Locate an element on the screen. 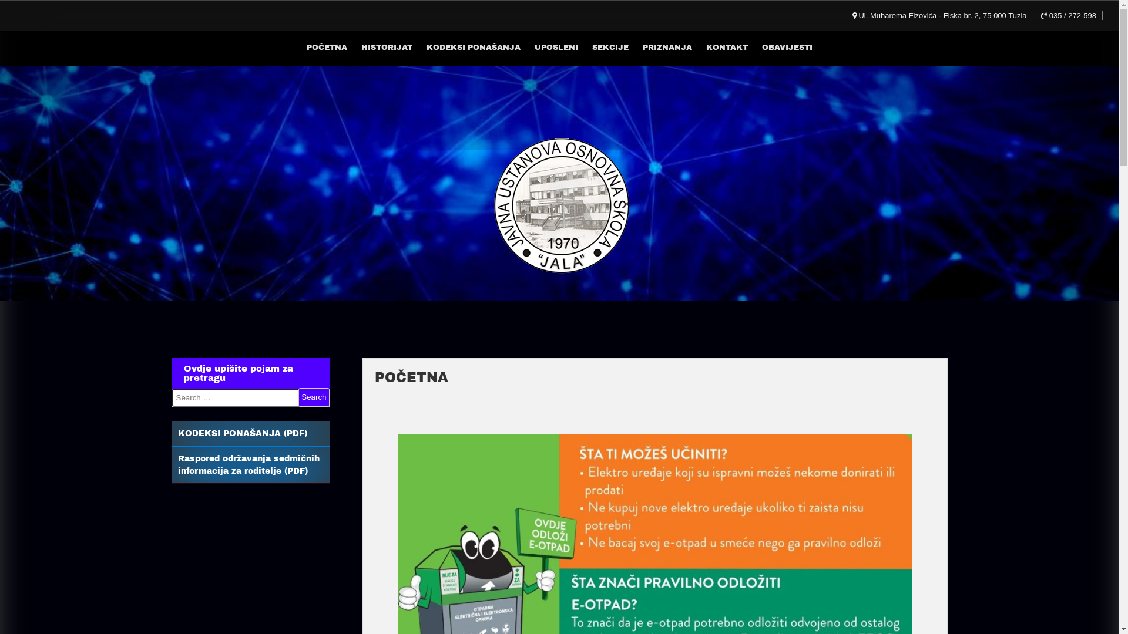 Image resolution: width=1128 pixels, height=634 pixels. 'OBAVIJESTI' is located at coordinates (755, 47).